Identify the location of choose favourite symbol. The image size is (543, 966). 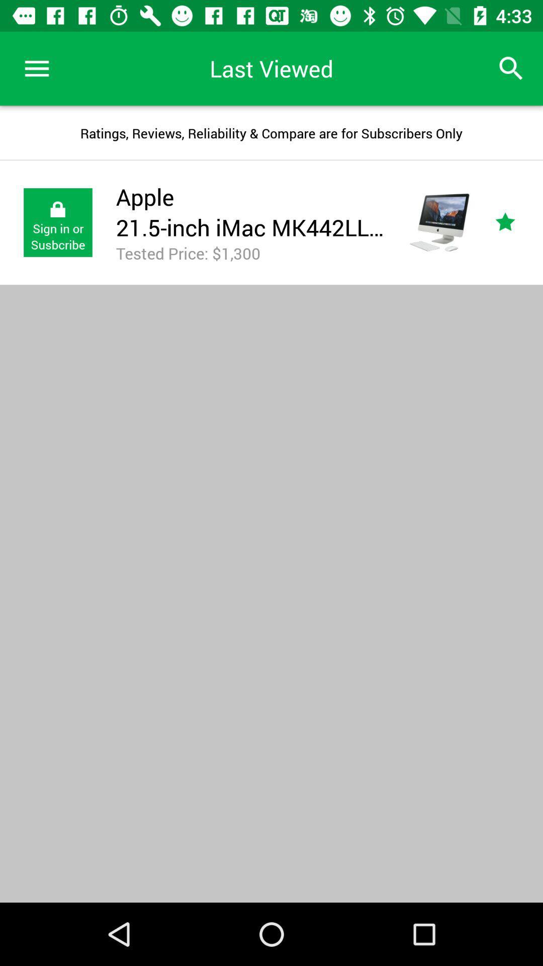
(516, 222).